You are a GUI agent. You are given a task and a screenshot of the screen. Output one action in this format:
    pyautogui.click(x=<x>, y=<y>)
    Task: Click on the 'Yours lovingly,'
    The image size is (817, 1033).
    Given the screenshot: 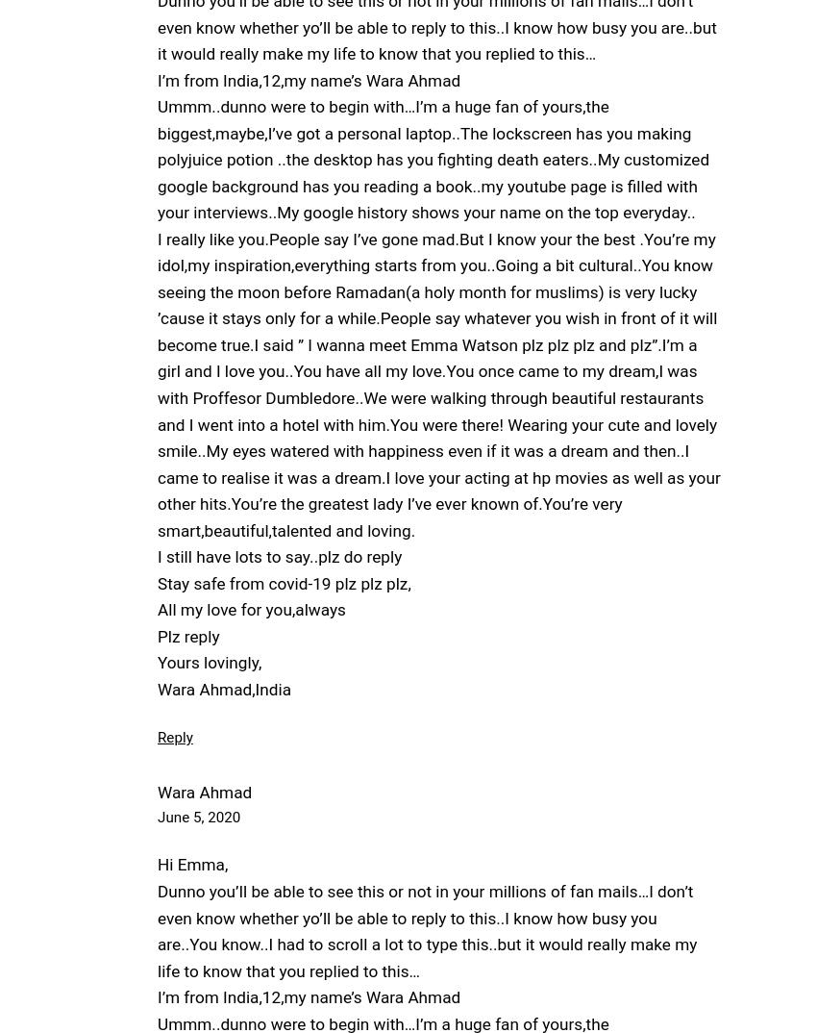 What is the action you would take?
    pyautogui.click(x=157, y=661)
    